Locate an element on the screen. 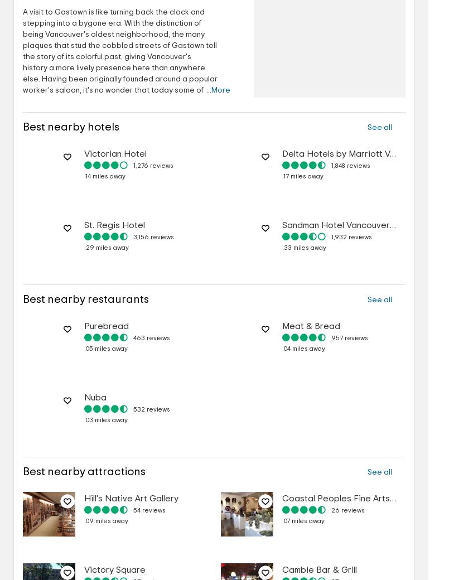 The image size is (449, 580). '.07 miles away' is located at coordinates (282, 521).